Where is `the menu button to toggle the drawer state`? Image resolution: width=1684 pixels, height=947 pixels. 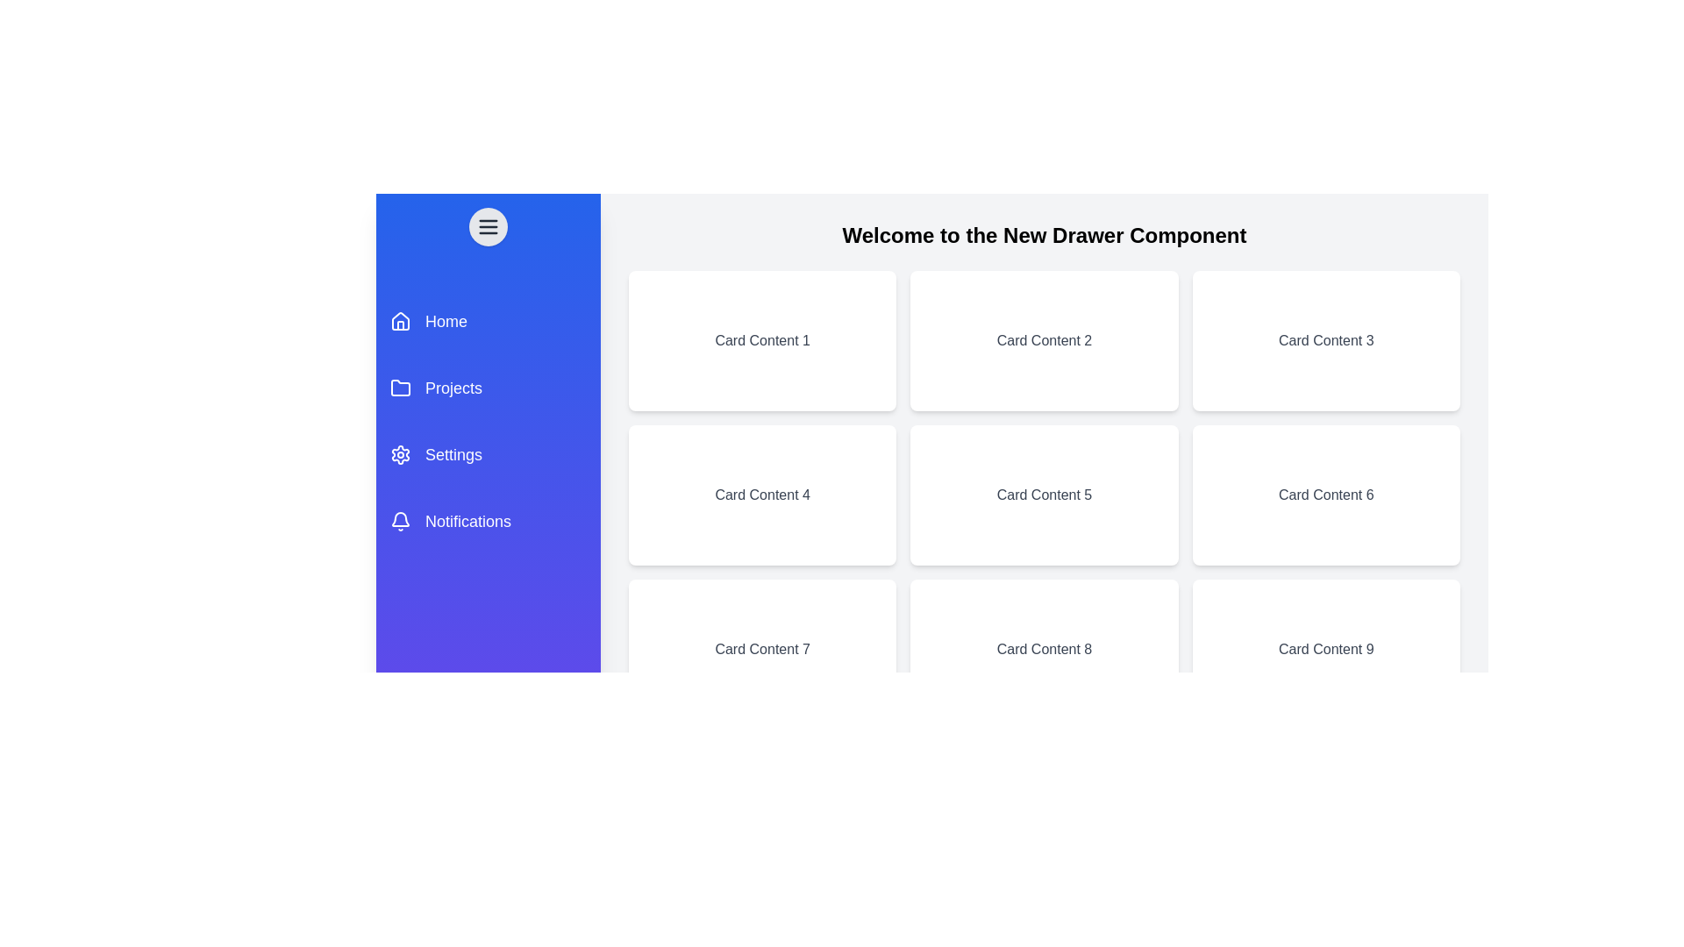 the menu button to toggle the drawer state is located at coordinates (488, 225).